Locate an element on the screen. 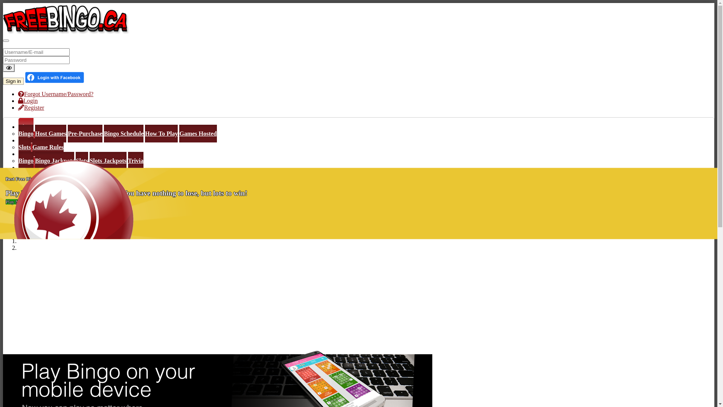  'How To Play' is located at coordinates (161, 133).